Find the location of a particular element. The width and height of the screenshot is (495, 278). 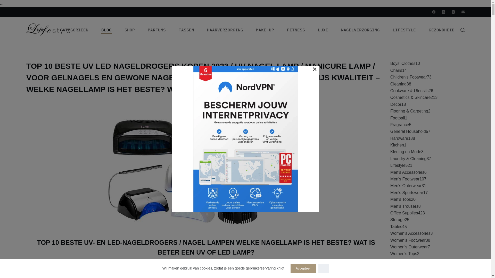

'TASSEN' is located at coordinates (186, 30).